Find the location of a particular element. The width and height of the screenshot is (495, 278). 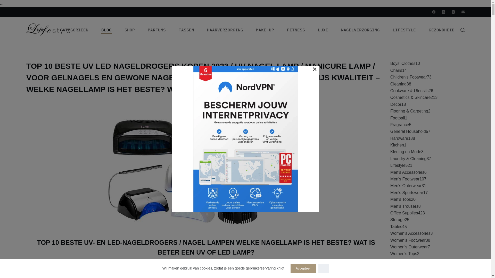

'TASSEN' is located at coordinates (186, 30).